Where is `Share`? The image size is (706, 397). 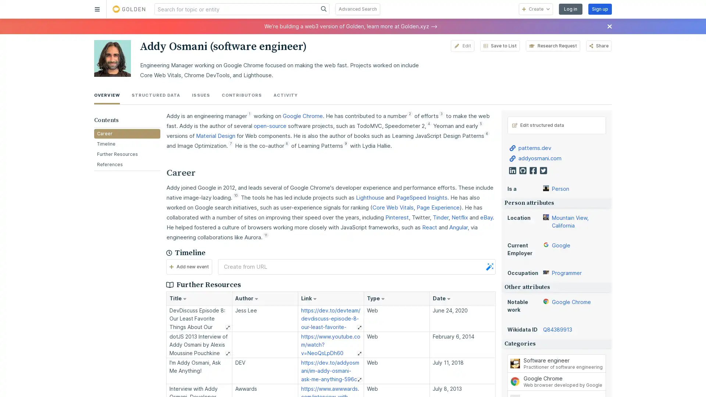
Share is located at coordinates (599, 46).